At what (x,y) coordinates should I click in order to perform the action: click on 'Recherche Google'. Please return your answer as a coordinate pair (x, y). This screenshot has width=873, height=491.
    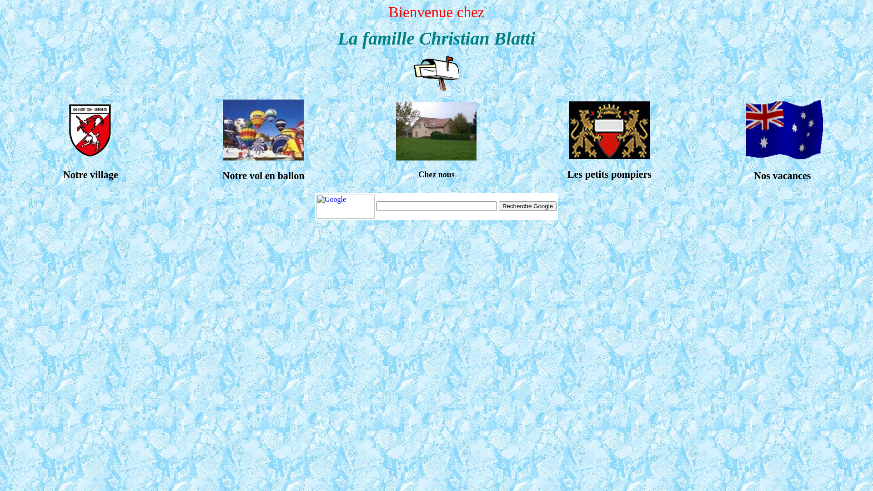
    Looking at the image, I should click on (527, 206).